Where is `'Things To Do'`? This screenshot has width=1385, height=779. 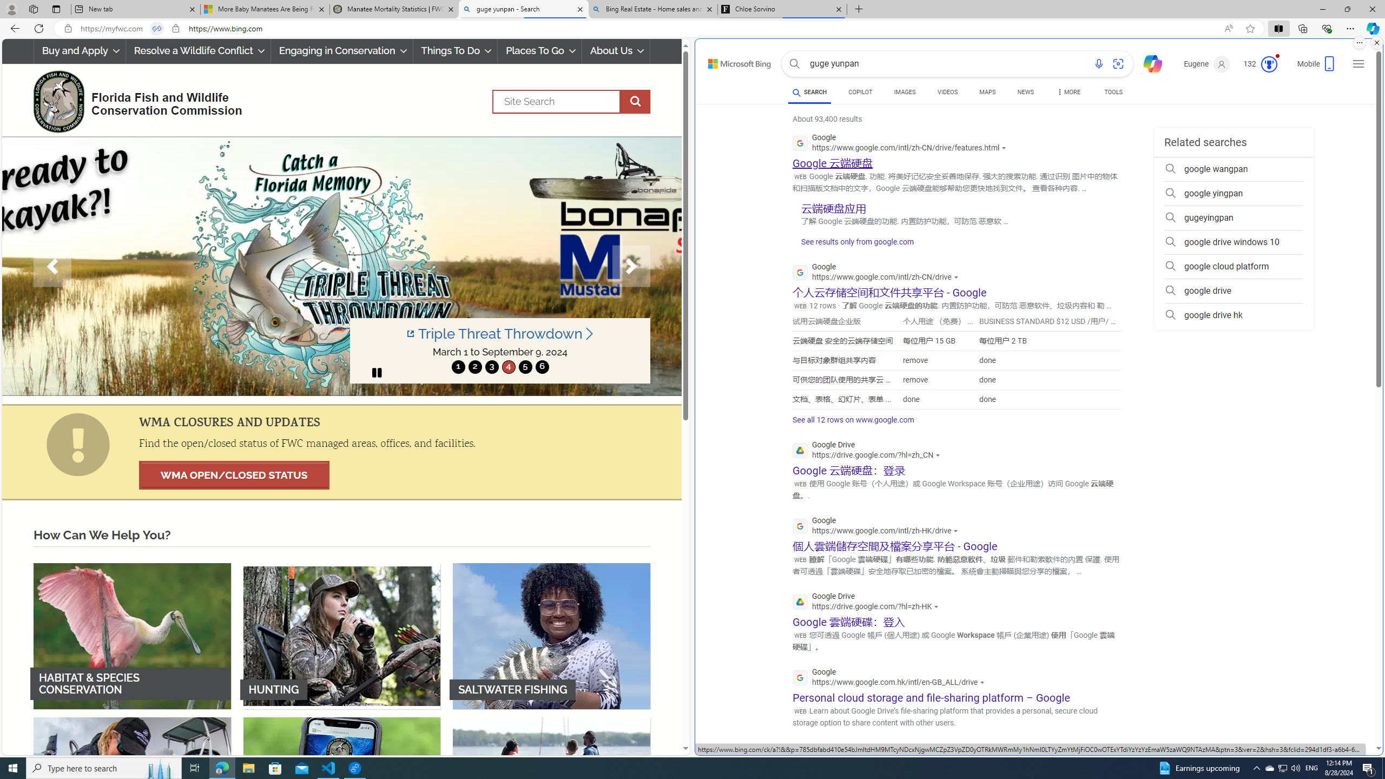 'Things To Do' is located at coordinates (454, 50).